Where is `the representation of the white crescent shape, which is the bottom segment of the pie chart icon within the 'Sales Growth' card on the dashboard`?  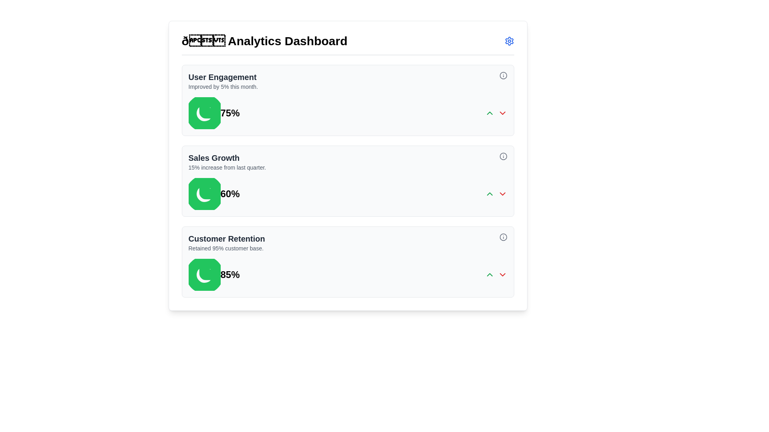 the representation of the white crescent shape, which is the bottom segment of the pie chart icon within the 'Sales Growth' card on the dashboard is located at coordinates (204, 194).